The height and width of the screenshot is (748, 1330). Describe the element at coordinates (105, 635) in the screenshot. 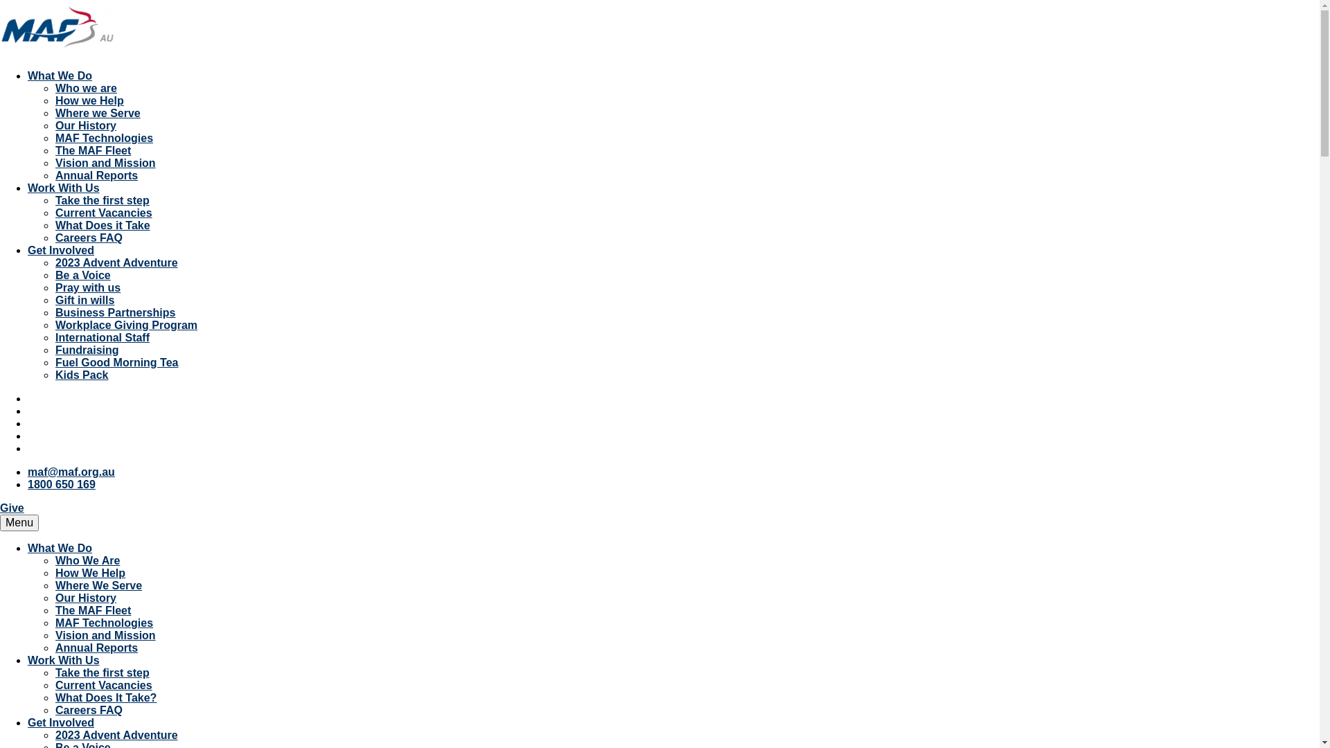

I see `'Vision and Mission'` at that location.